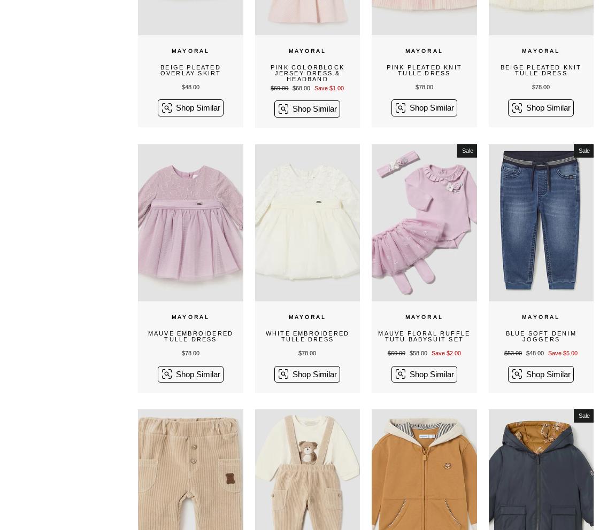 The image size is (615, 530). I want to click on '$60.00', so click(395, 353).